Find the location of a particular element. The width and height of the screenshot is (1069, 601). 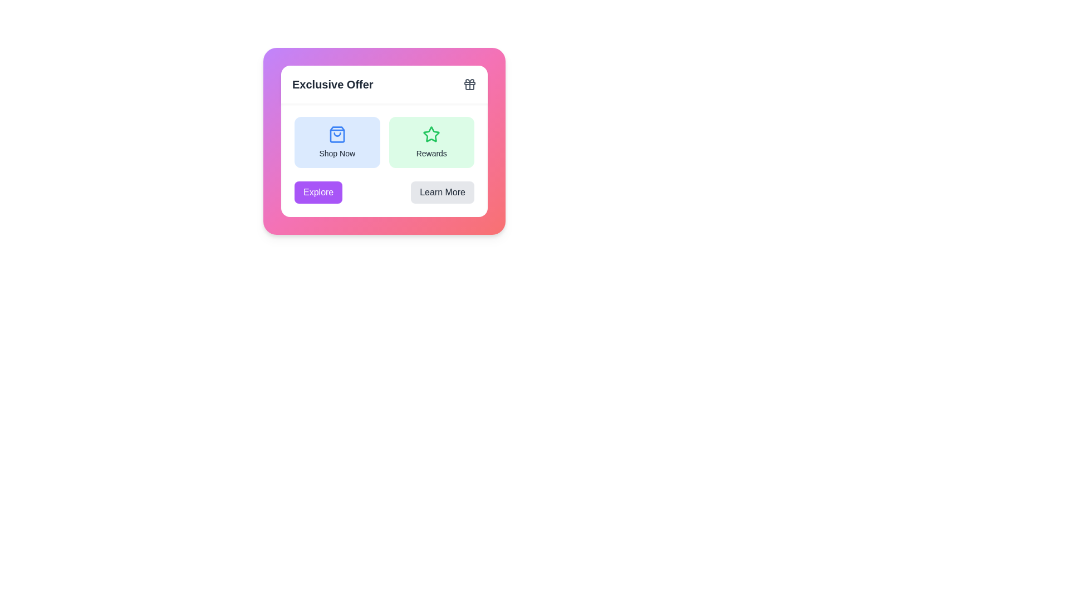

the shopping icon located in the upper section of the 'Shop Now' card, which serves as a visual cue for users is located at coordinates (336, 134).